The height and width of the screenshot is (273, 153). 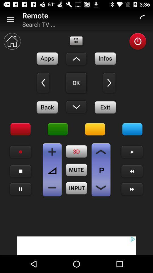 What do you see at coordinates (101, 187) in the screenshot?
I see `simple page` at bounding box center [101, 187].